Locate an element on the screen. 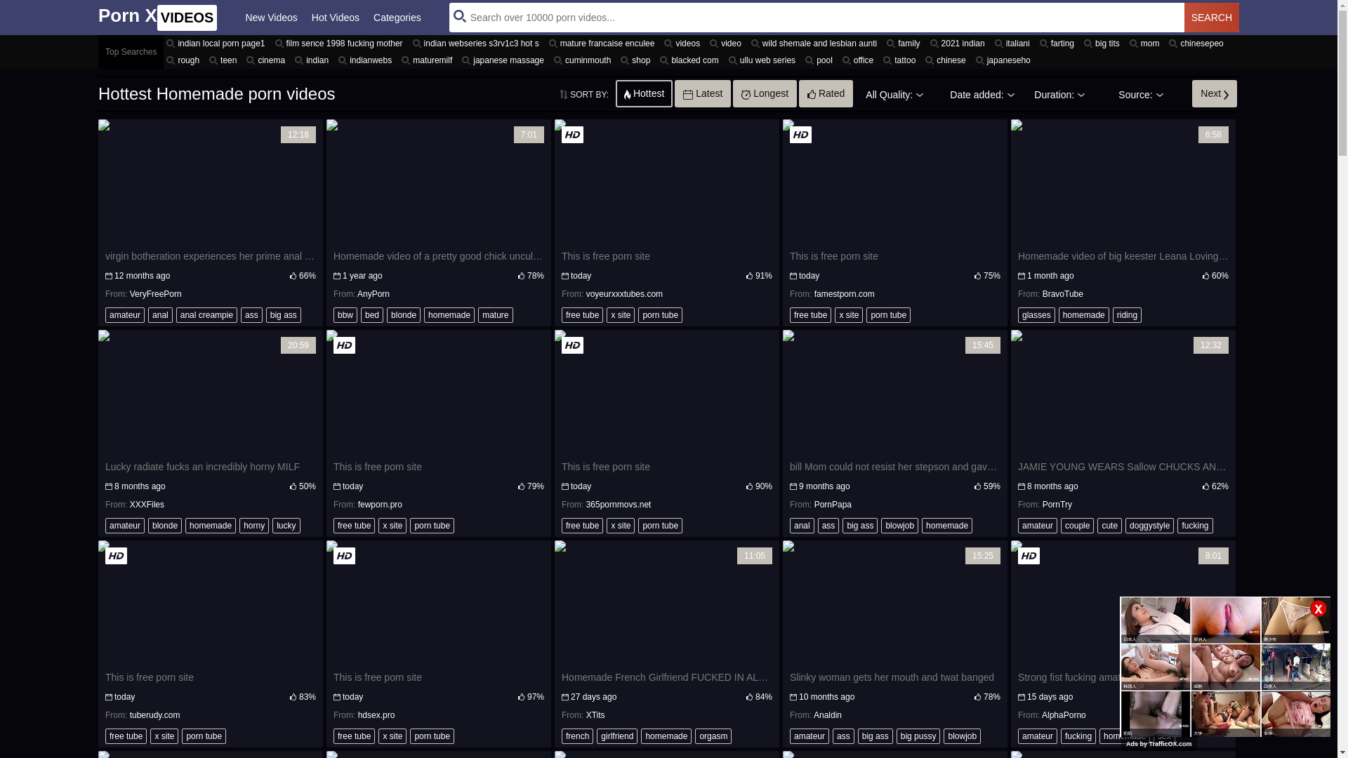 The width and height of the screenshot is (1348, 758). 'farting' is located at coordinates (1059, 42).